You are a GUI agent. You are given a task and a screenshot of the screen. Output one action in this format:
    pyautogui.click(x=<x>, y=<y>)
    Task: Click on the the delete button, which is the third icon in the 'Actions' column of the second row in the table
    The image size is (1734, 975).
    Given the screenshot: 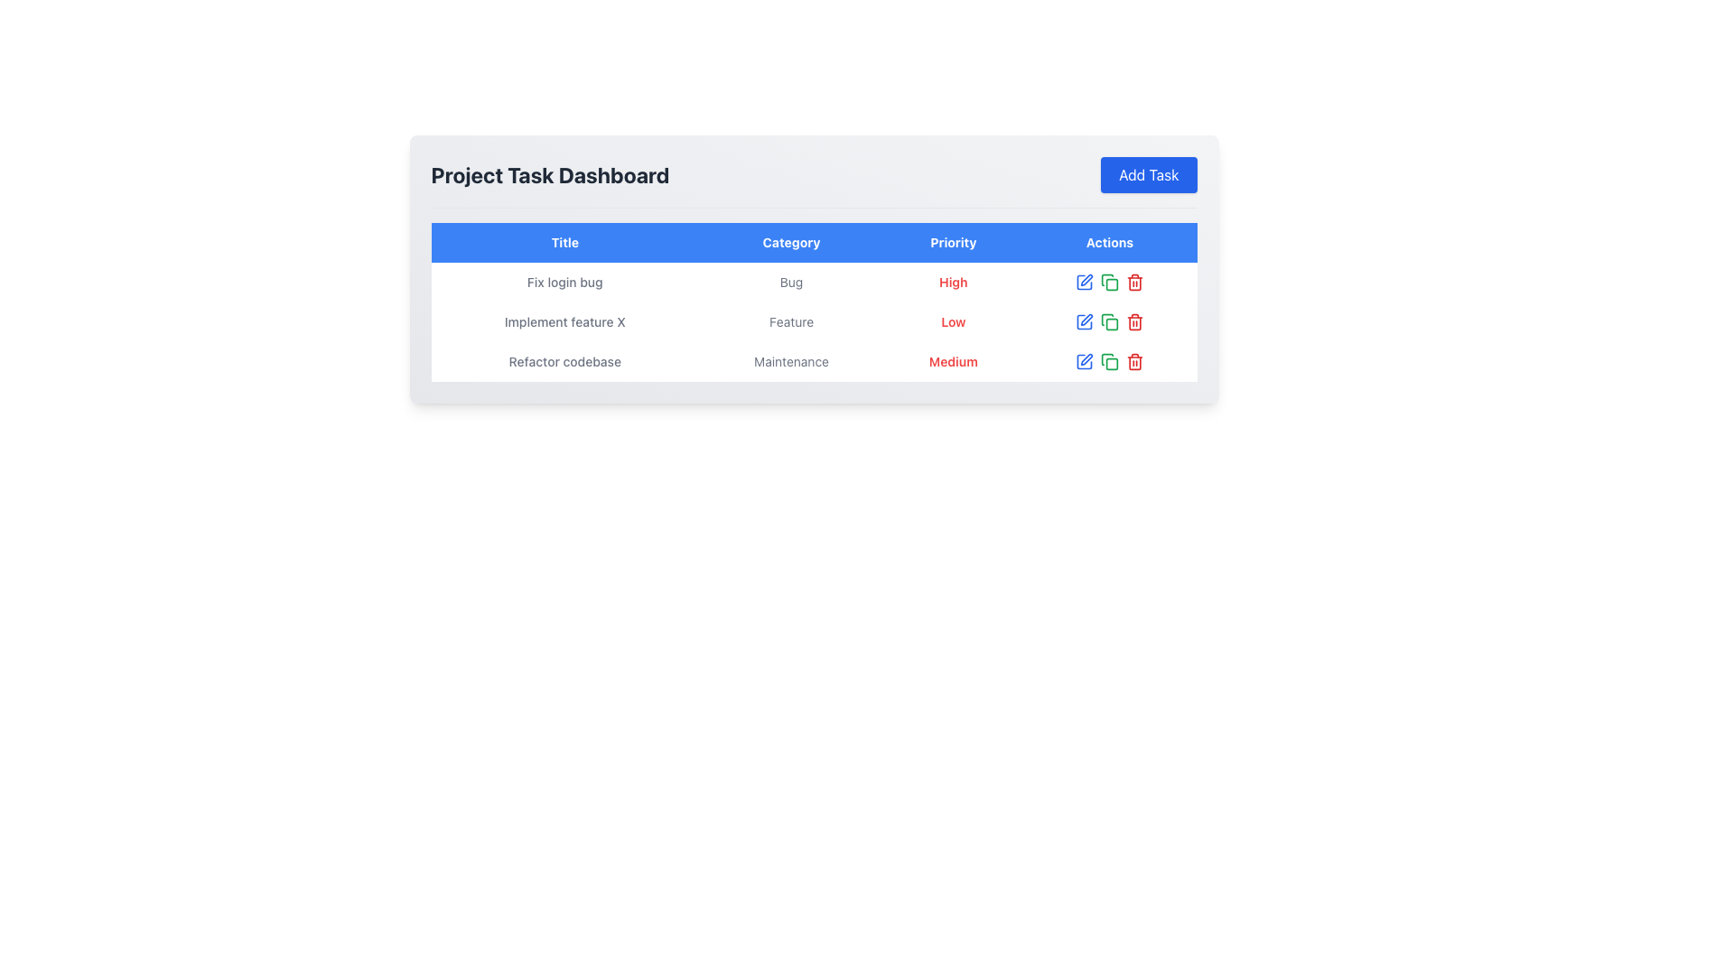 What is the action you would take?
    pyautogui.click(x=1134, y=321)
    